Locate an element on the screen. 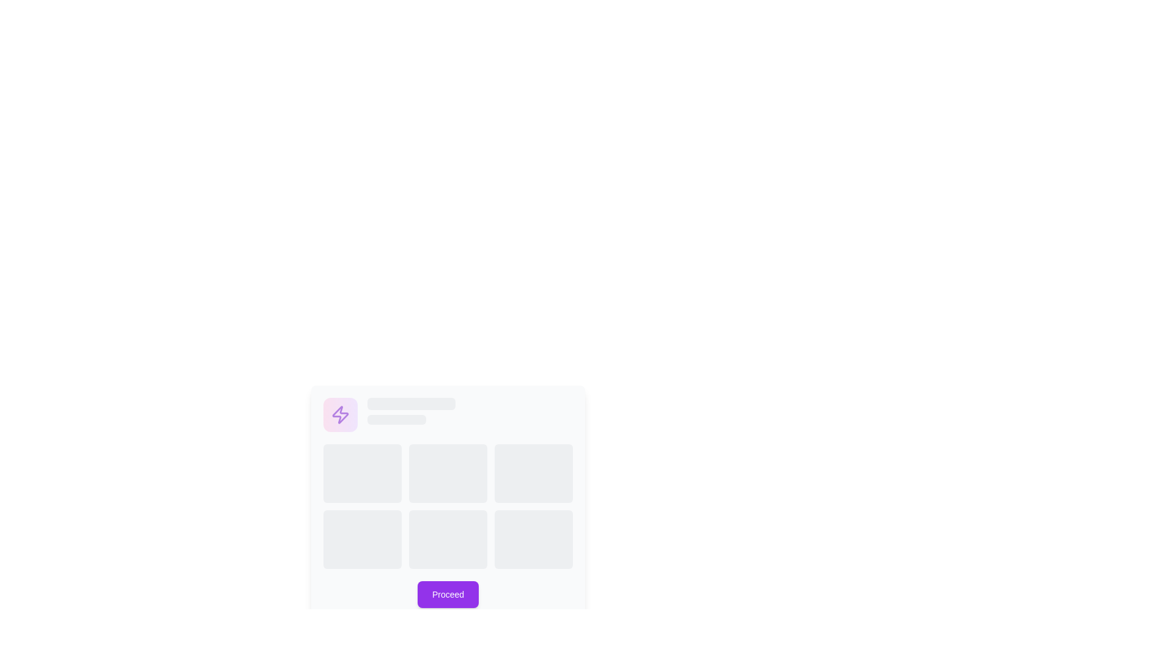 Image resolution: width=1174 pixels, height=660 pixels. the gray, rounded rectangle Placeholder component with a pulsating animation effect, which is the third item in the top row of the 3x2 grid layout is located at coordinates (534, 473).